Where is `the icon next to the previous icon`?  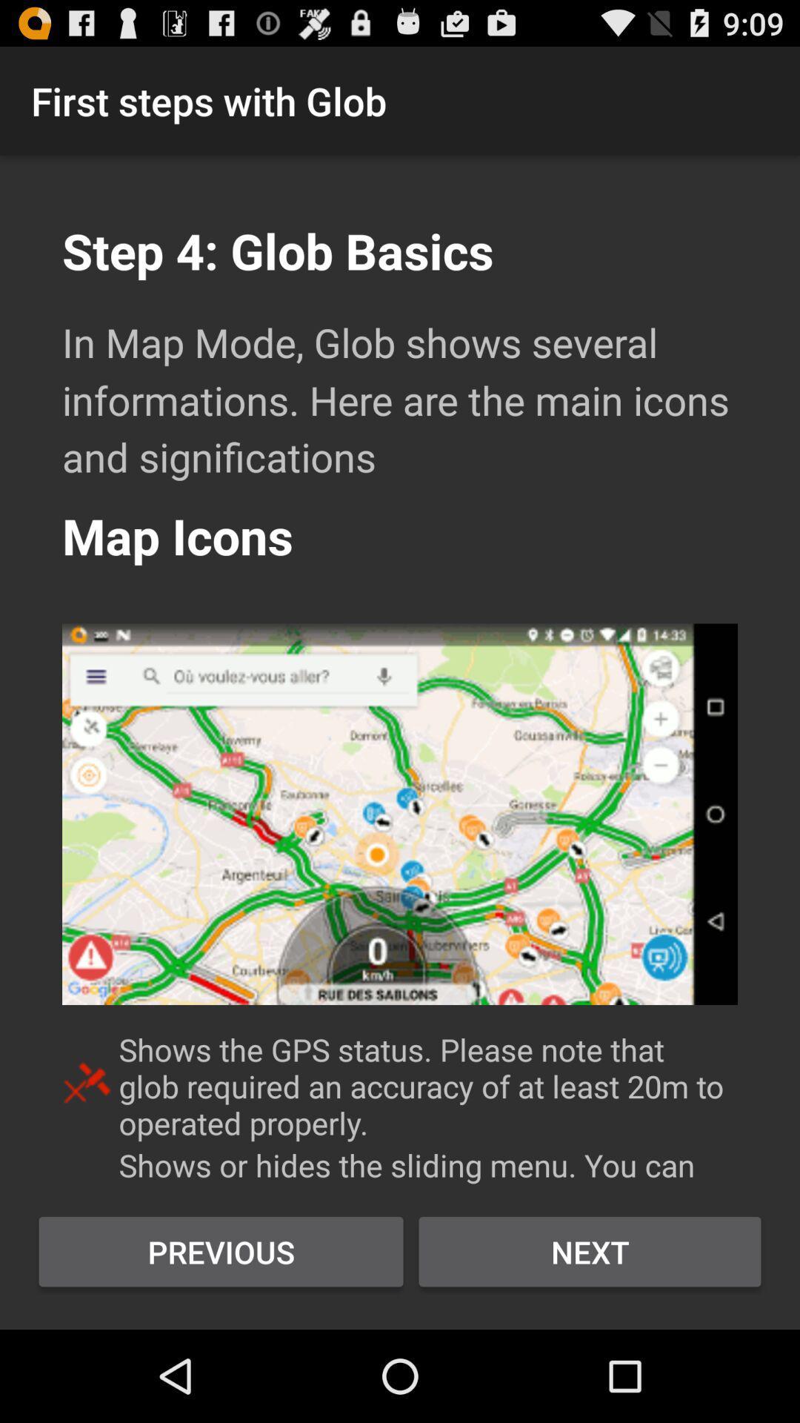 the icon next to the previous icon is located at coordinates (589, 1251).